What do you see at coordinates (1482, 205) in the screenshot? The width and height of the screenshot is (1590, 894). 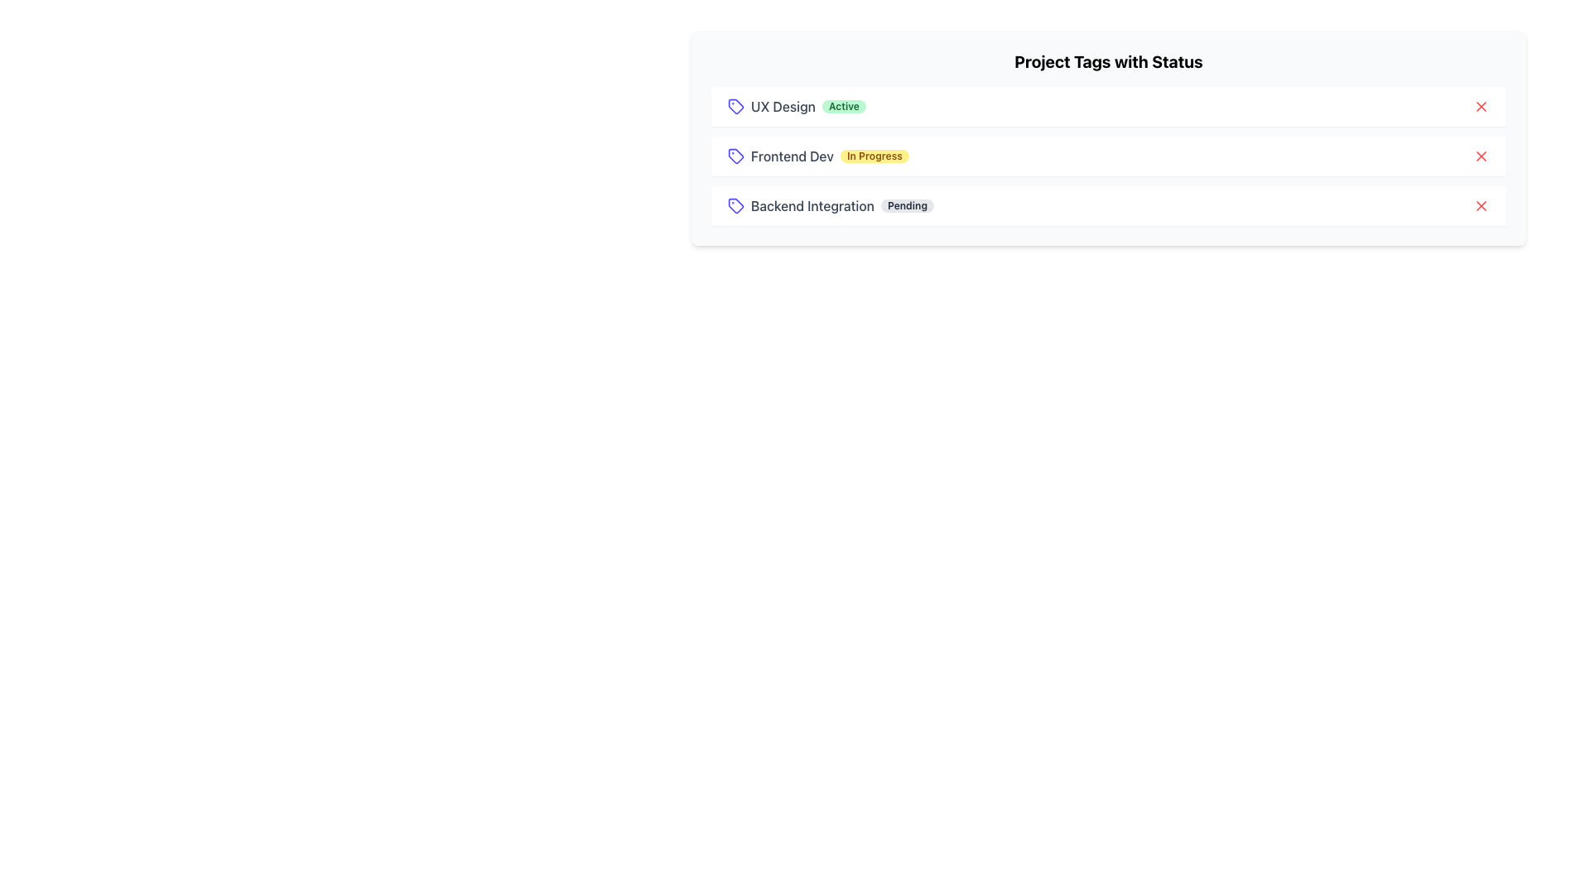 I see `the close (X) button icon located at the right end of the row for the 'Backend Integration' item under the 'Project Tags with Status' heading` at bounding box center [1482, 205].